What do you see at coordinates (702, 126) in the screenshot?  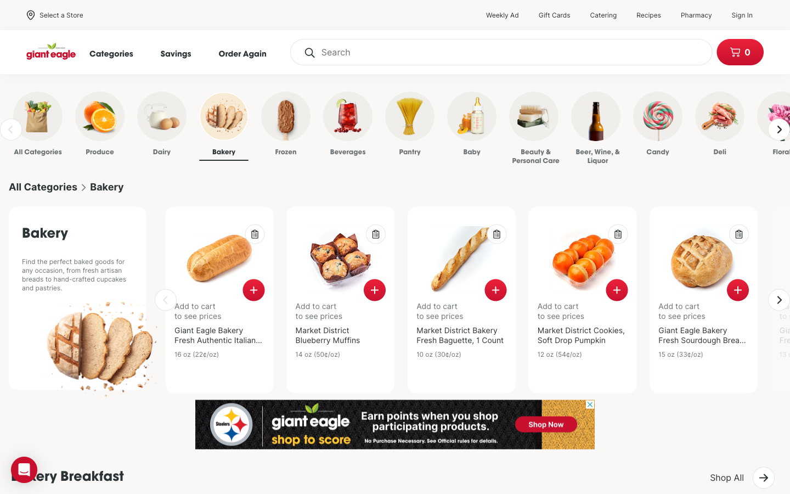 I see `the Deli Category Page` at bounding box center [702, 126].